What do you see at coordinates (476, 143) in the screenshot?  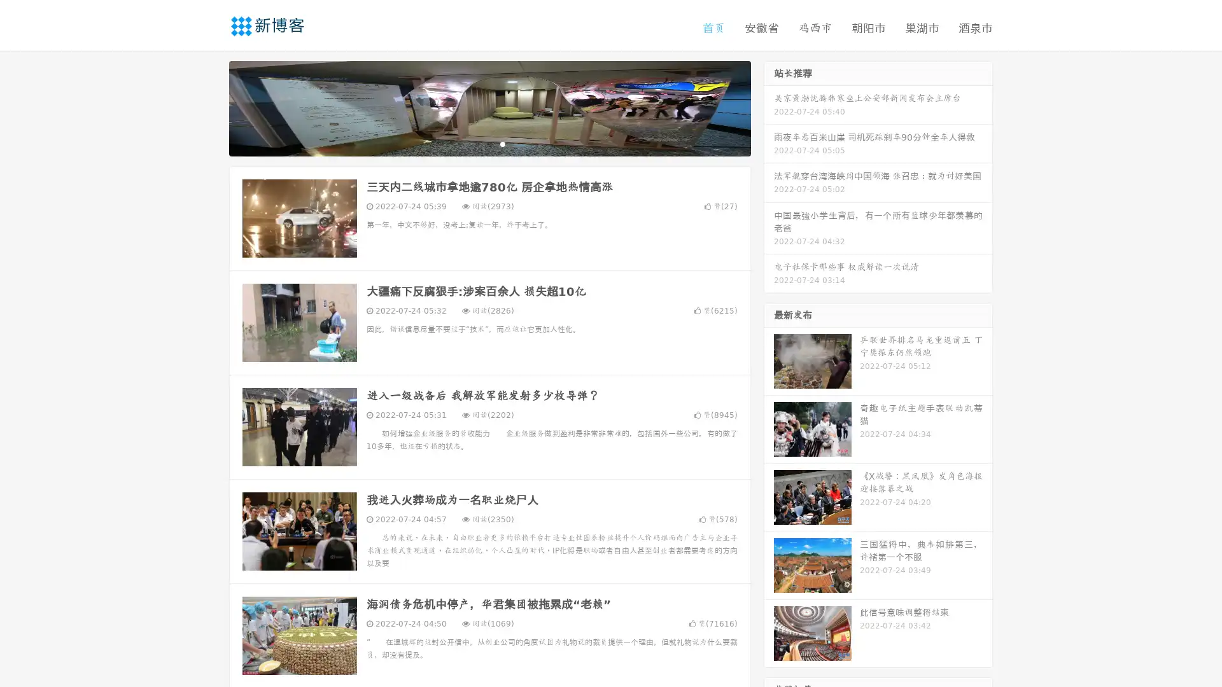 I see `Go to slide 1` at bounding box center [476, 143].